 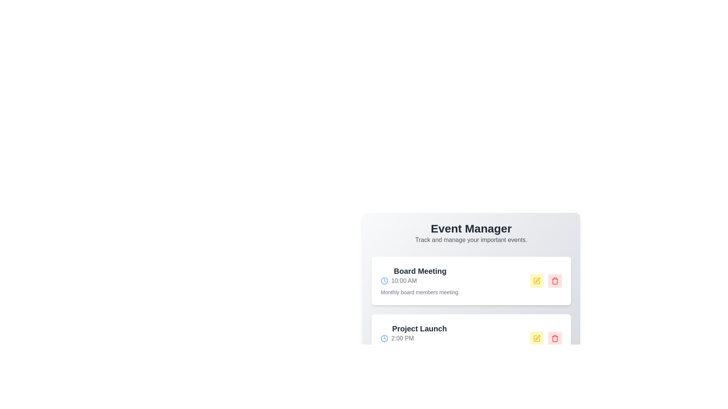 What do you see at coordinates (555, 338) in the screenshot?
I see `delete button for the event titled 'Project Launch'` at bounding box center [555, 338].